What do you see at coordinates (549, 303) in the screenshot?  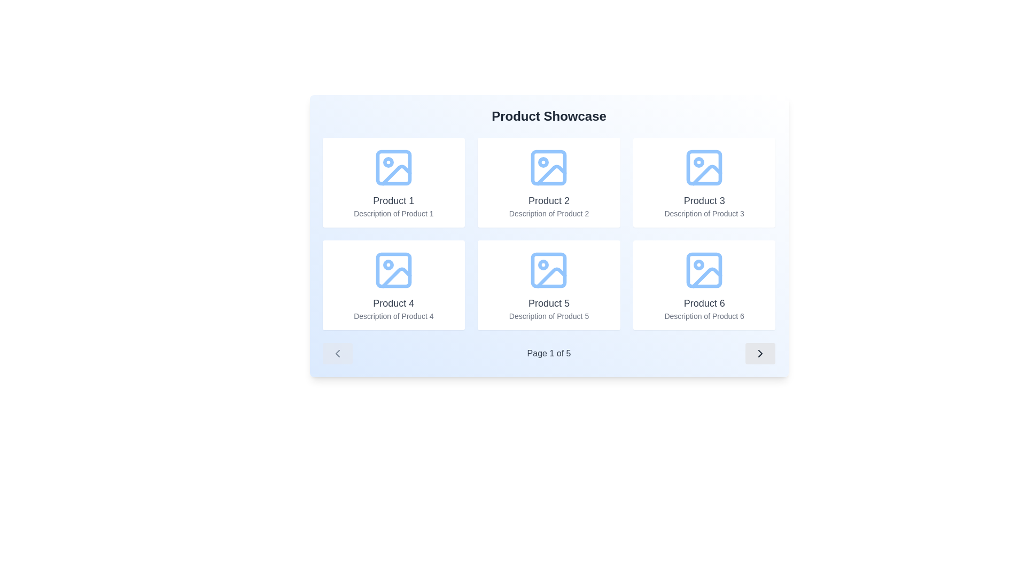 I see `the static text label for 'Product 5' located in the bottom-center of the product card, which helps in identifying this product` at bounding box center [549, 303].